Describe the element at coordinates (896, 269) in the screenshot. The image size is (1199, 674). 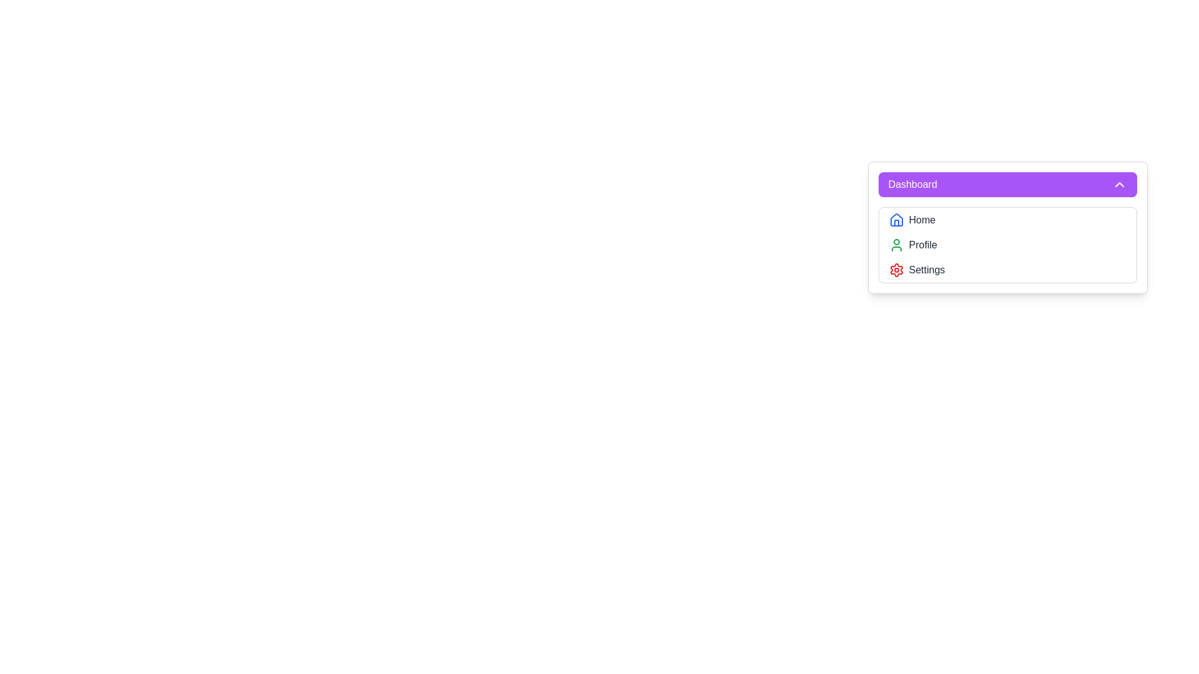
I see `the red cogwheel-shaped icon in the settings dropdown menu` at that location.